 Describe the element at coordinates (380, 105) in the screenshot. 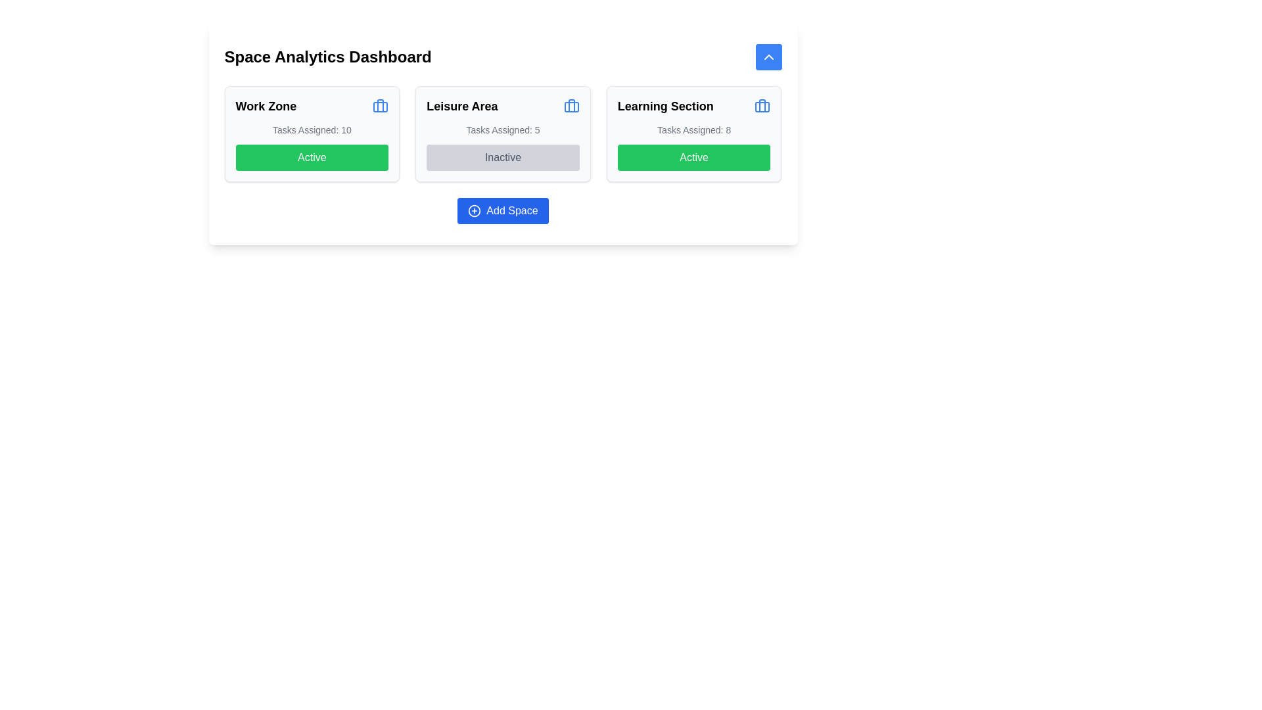

I see `the vertical line design within the briefcase icon located at the top right corner of the 'Work Zone' card` at that location.